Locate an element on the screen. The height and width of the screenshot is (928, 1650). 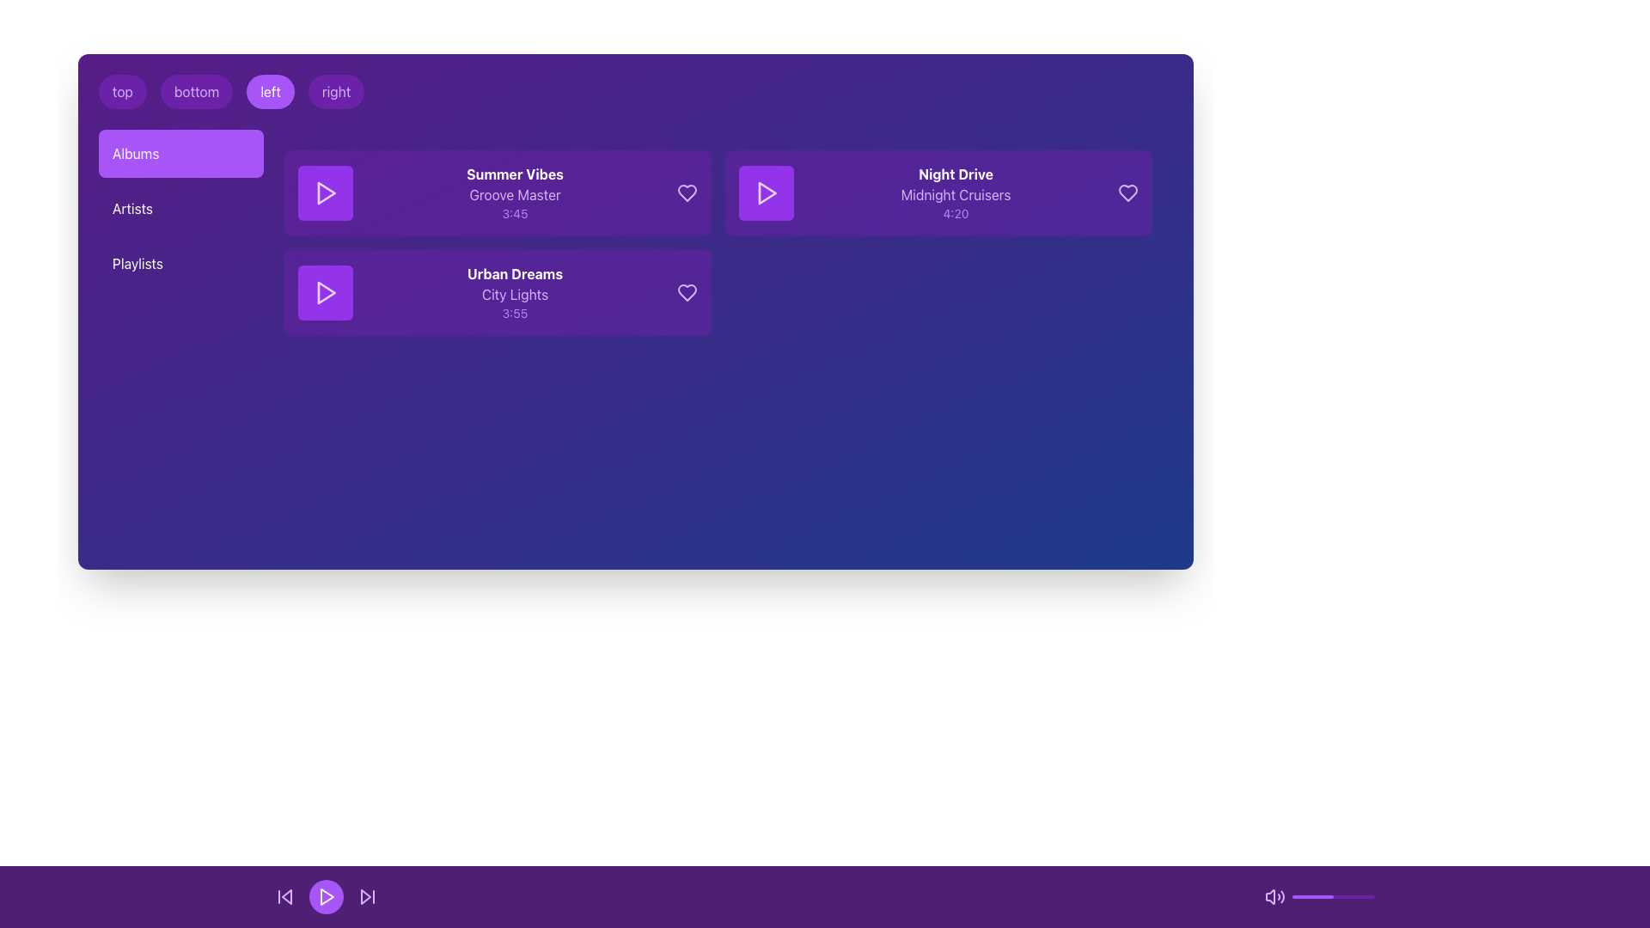
the playback control icon located at the bottom center of the interface within the purple control bar is located at coordinates (326, 896).